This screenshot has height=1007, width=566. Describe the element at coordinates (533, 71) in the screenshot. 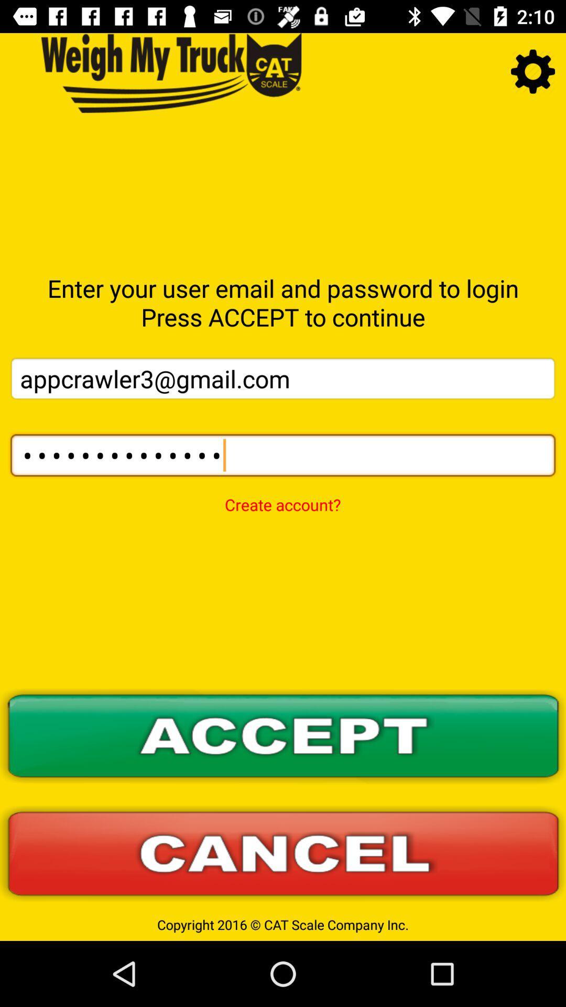

I see `the item at the top right corner` at that location.